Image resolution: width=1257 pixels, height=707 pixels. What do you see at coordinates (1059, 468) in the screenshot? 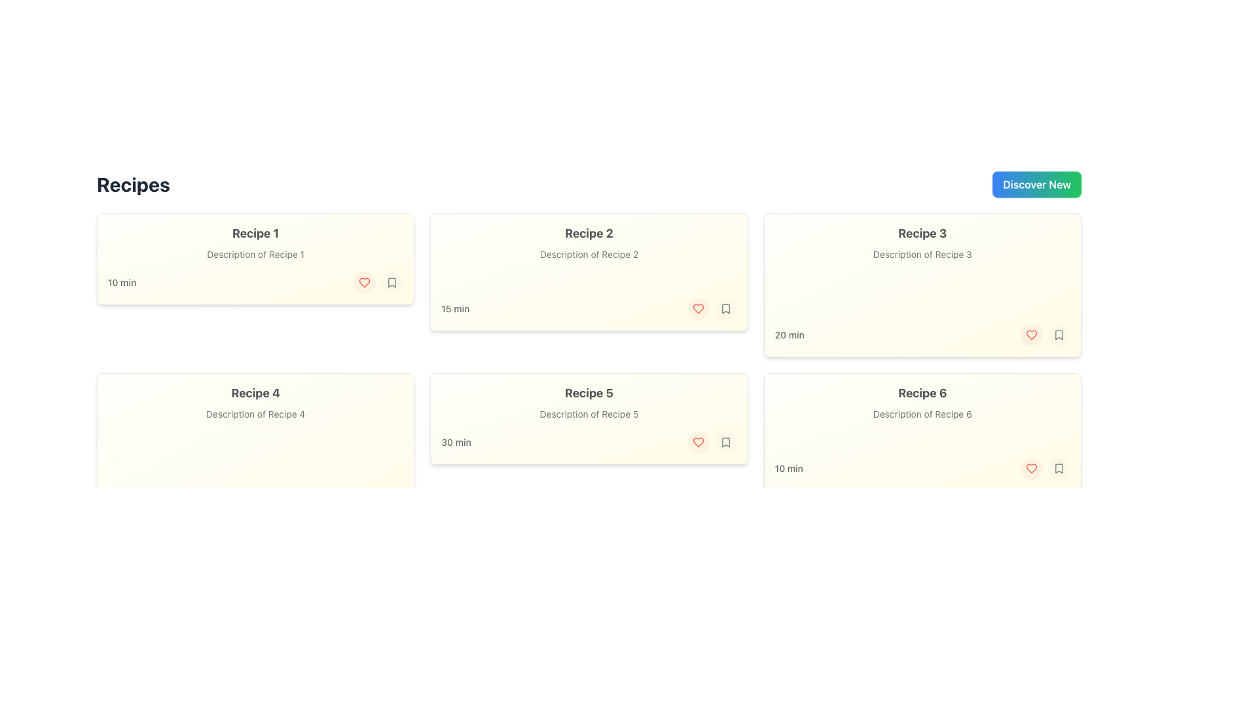
I see `the bookmark button located on the right side of the 'Recipe 6' card in the last row of the recipe grid` at bounding box center [1059, 468].